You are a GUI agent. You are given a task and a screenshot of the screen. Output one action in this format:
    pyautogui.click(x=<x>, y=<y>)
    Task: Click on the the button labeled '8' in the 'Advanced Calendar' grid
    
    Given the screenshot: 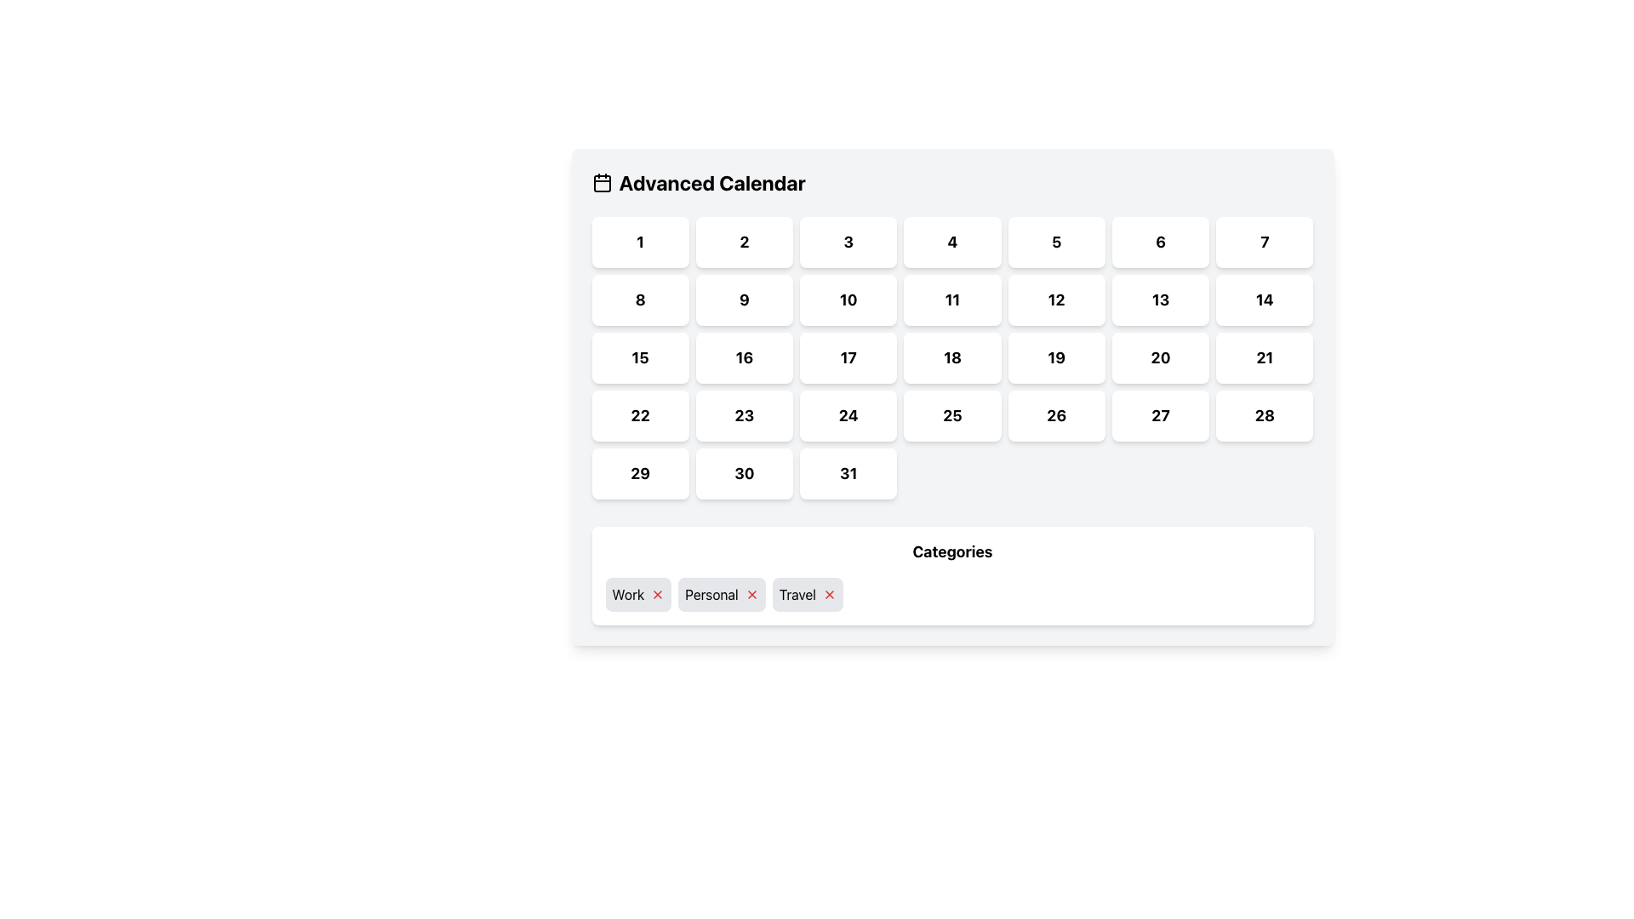 What is the action you would take?
    pyautogui.click(x=639, y=300)
    